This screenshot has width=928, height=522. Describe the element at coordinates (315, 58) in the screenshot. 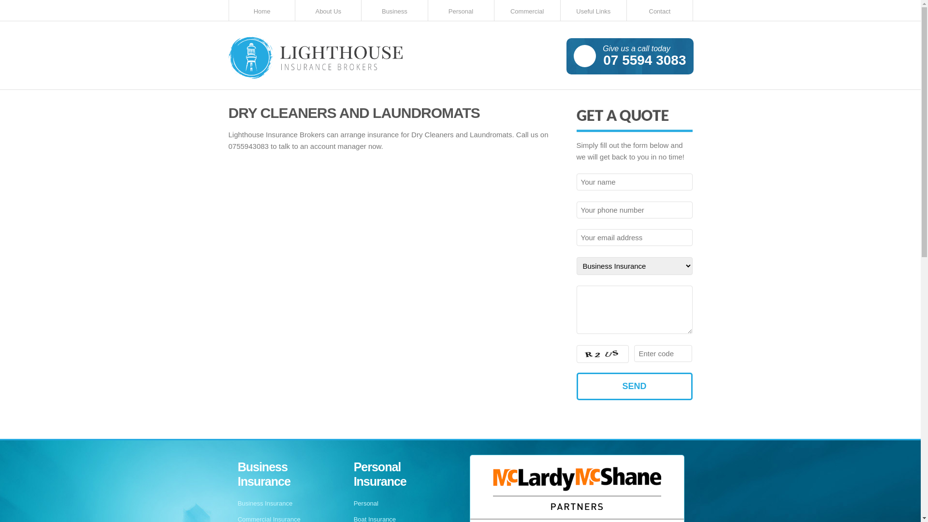

I see `'Lighthouse Insurance Brokers'` at that location.